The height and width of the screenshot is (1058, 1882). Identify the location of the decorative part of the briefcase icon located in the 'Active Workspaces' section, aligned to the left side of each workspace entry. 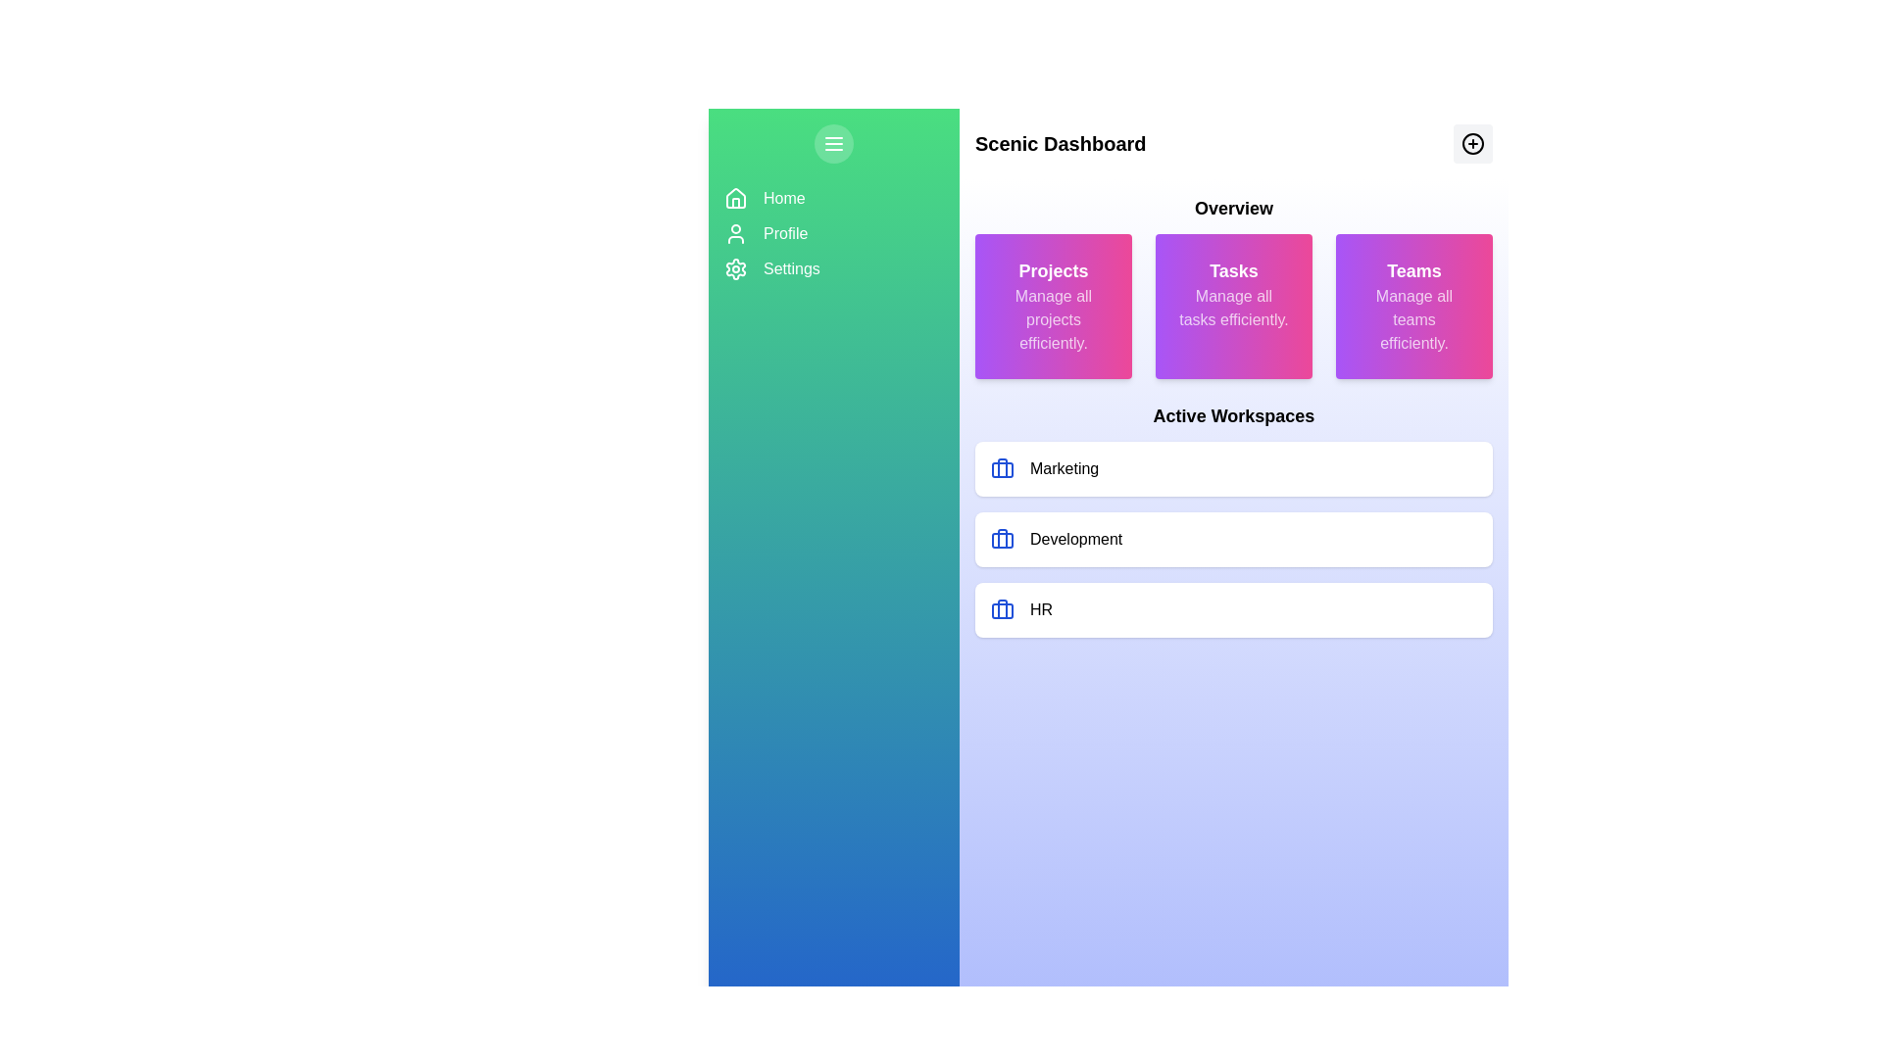
(1002, 540).